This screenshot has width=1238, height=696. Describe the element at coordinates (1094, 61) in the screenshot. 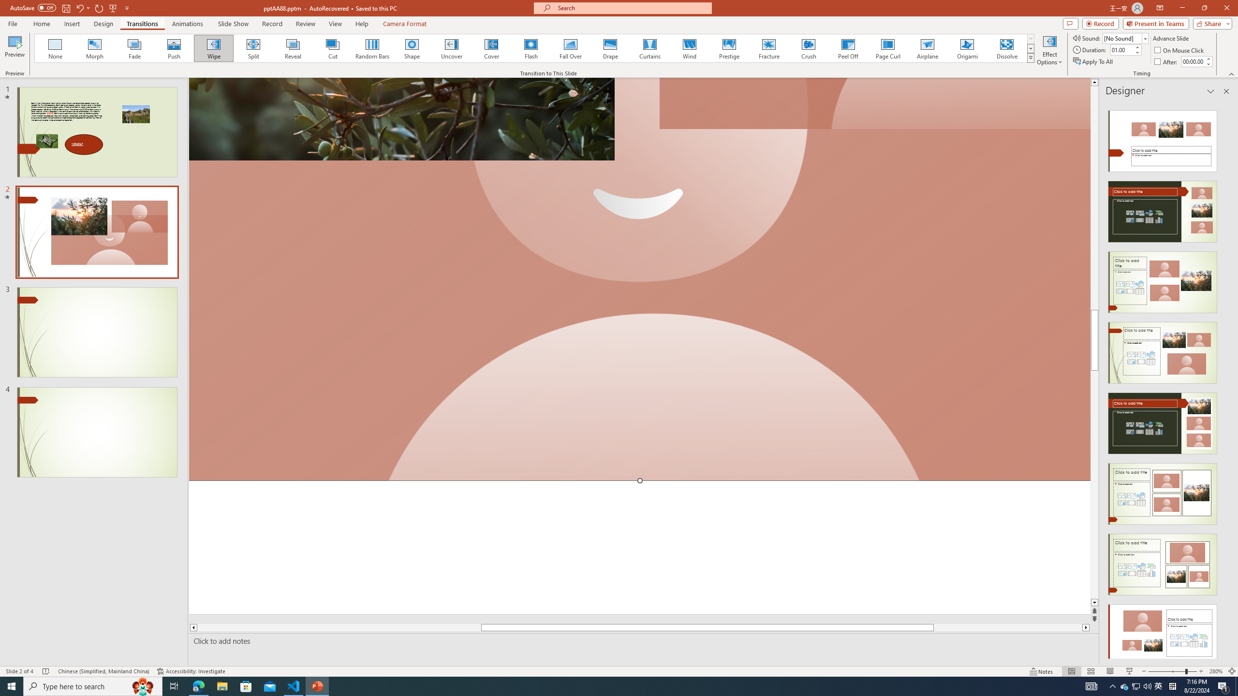

I see `'Apply To All'` at that location.